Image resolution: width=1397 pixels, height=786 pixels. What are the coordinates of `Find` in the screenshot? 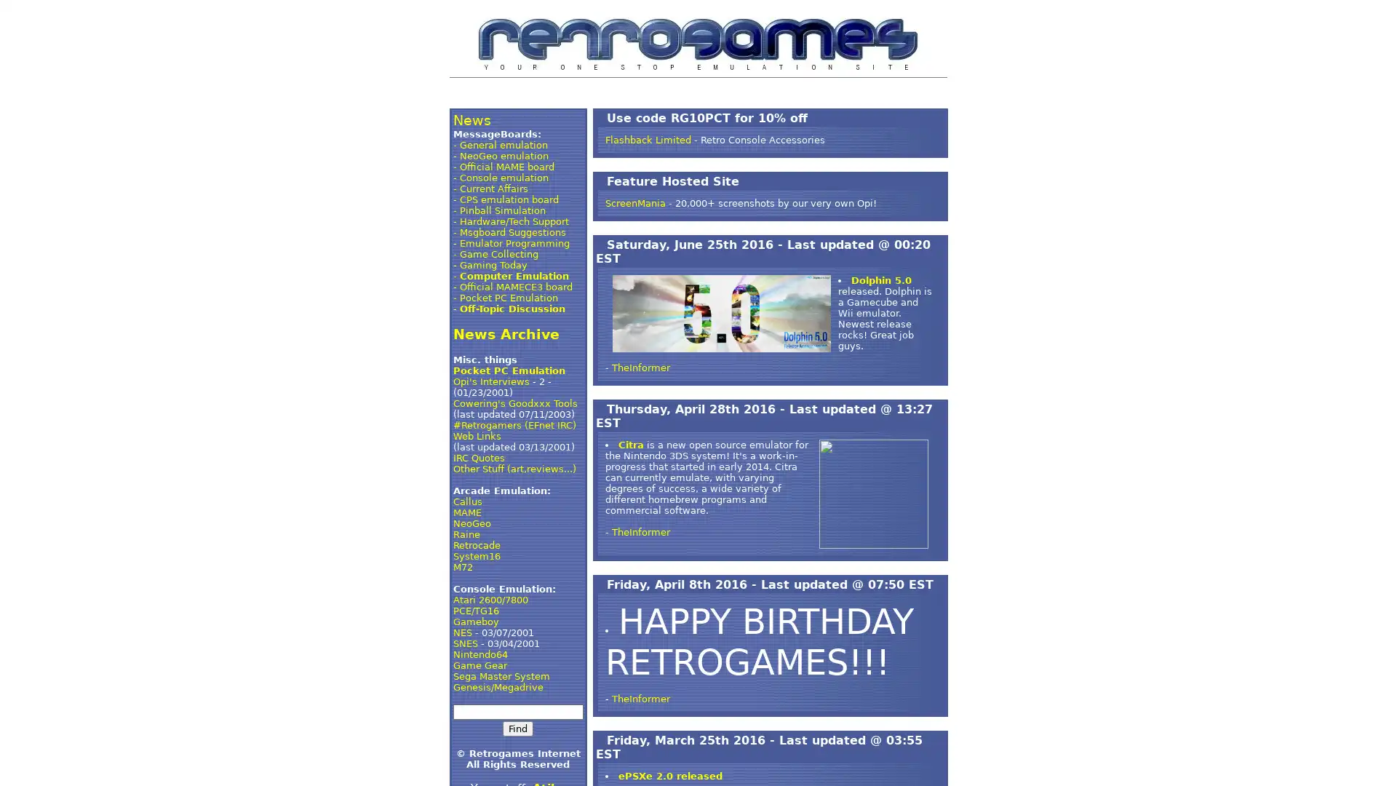 It's located at (517, 729).